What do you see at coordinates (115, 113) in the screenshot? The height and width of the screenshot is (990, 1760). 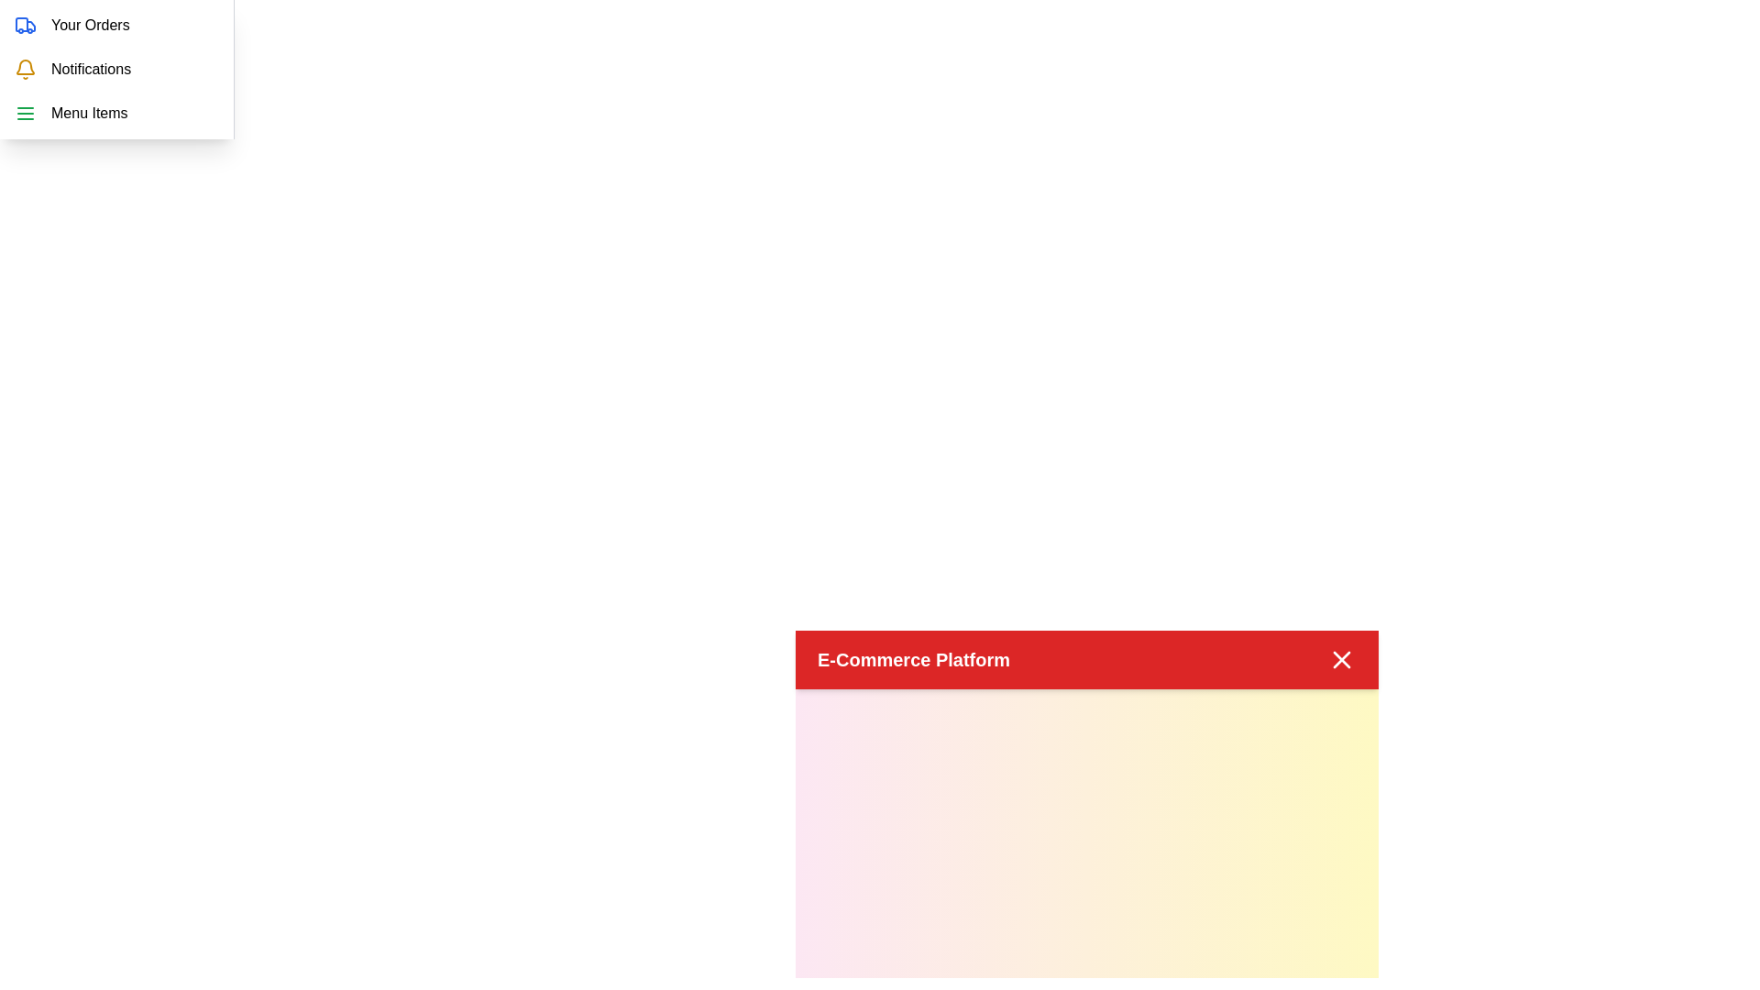 I see `the third navigation link in the vertical list, located below 'Your Orders' and 'Notifications'` at bounding box center [115, 113].